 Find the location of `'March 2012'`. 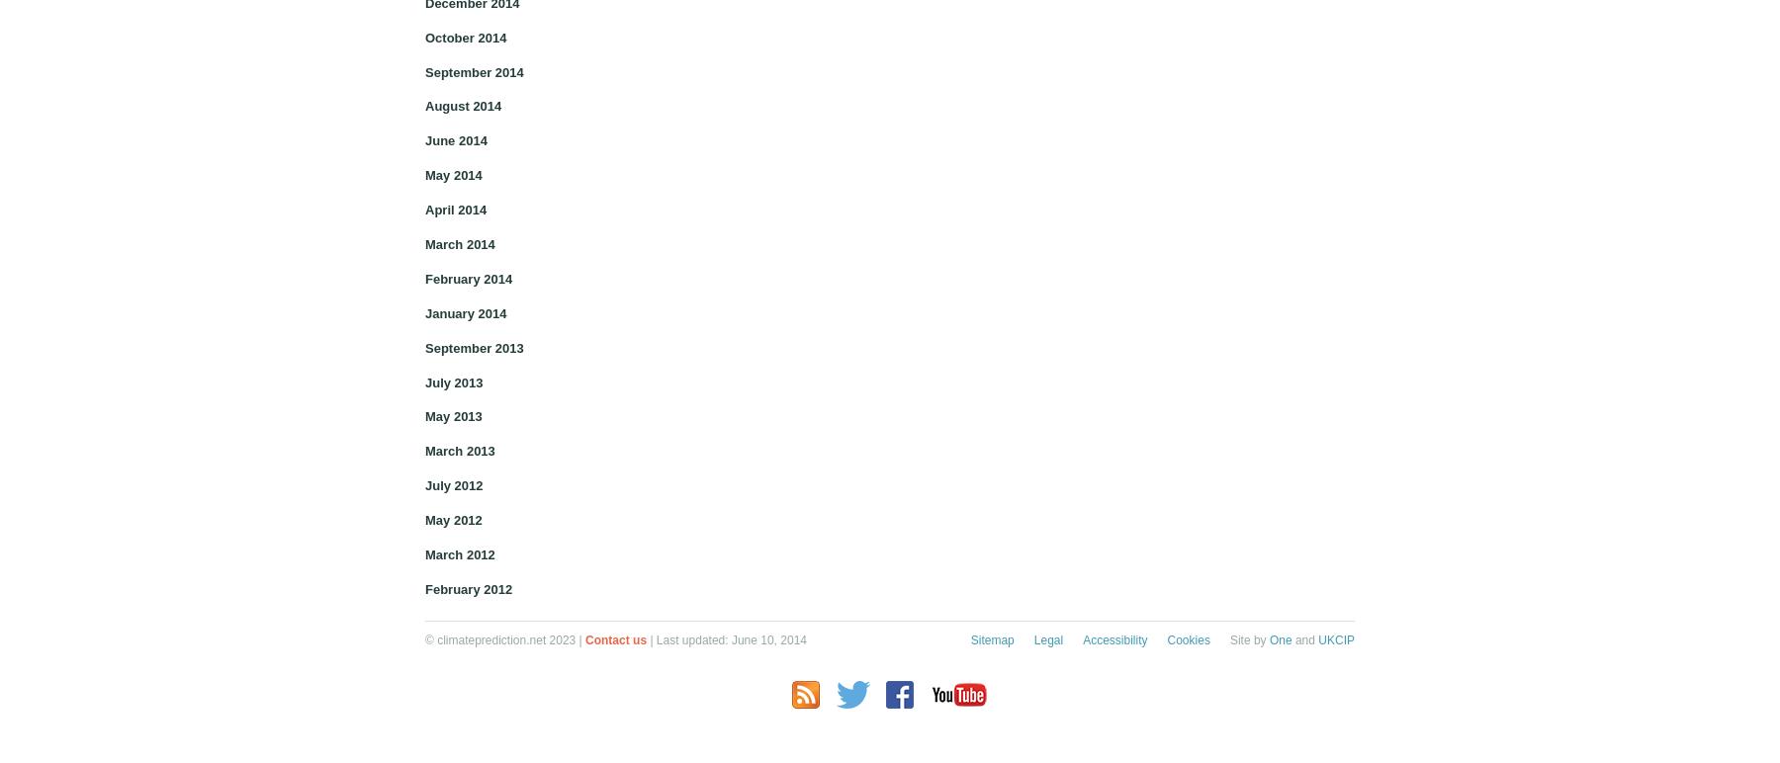

'March 2012' is located at coordinates (425, 553).